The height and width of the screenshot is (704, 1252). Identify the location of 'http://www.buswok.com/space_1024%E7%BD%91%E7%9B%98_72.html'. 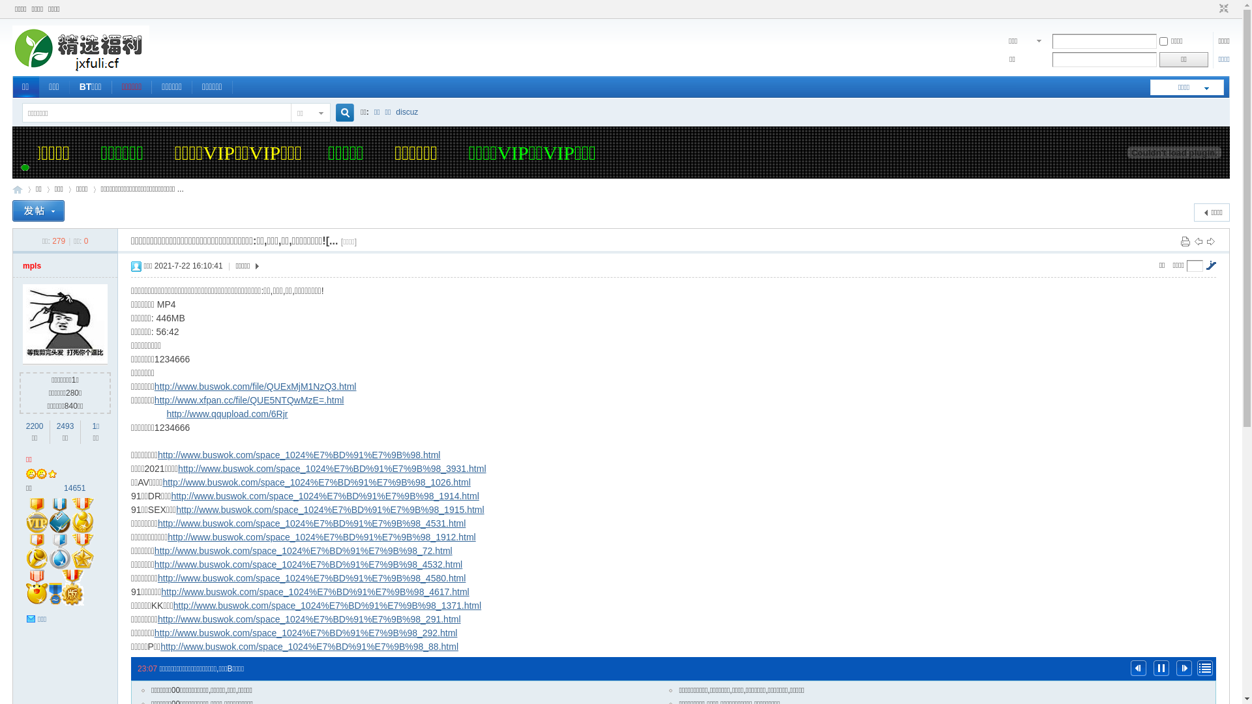
(303, 550).